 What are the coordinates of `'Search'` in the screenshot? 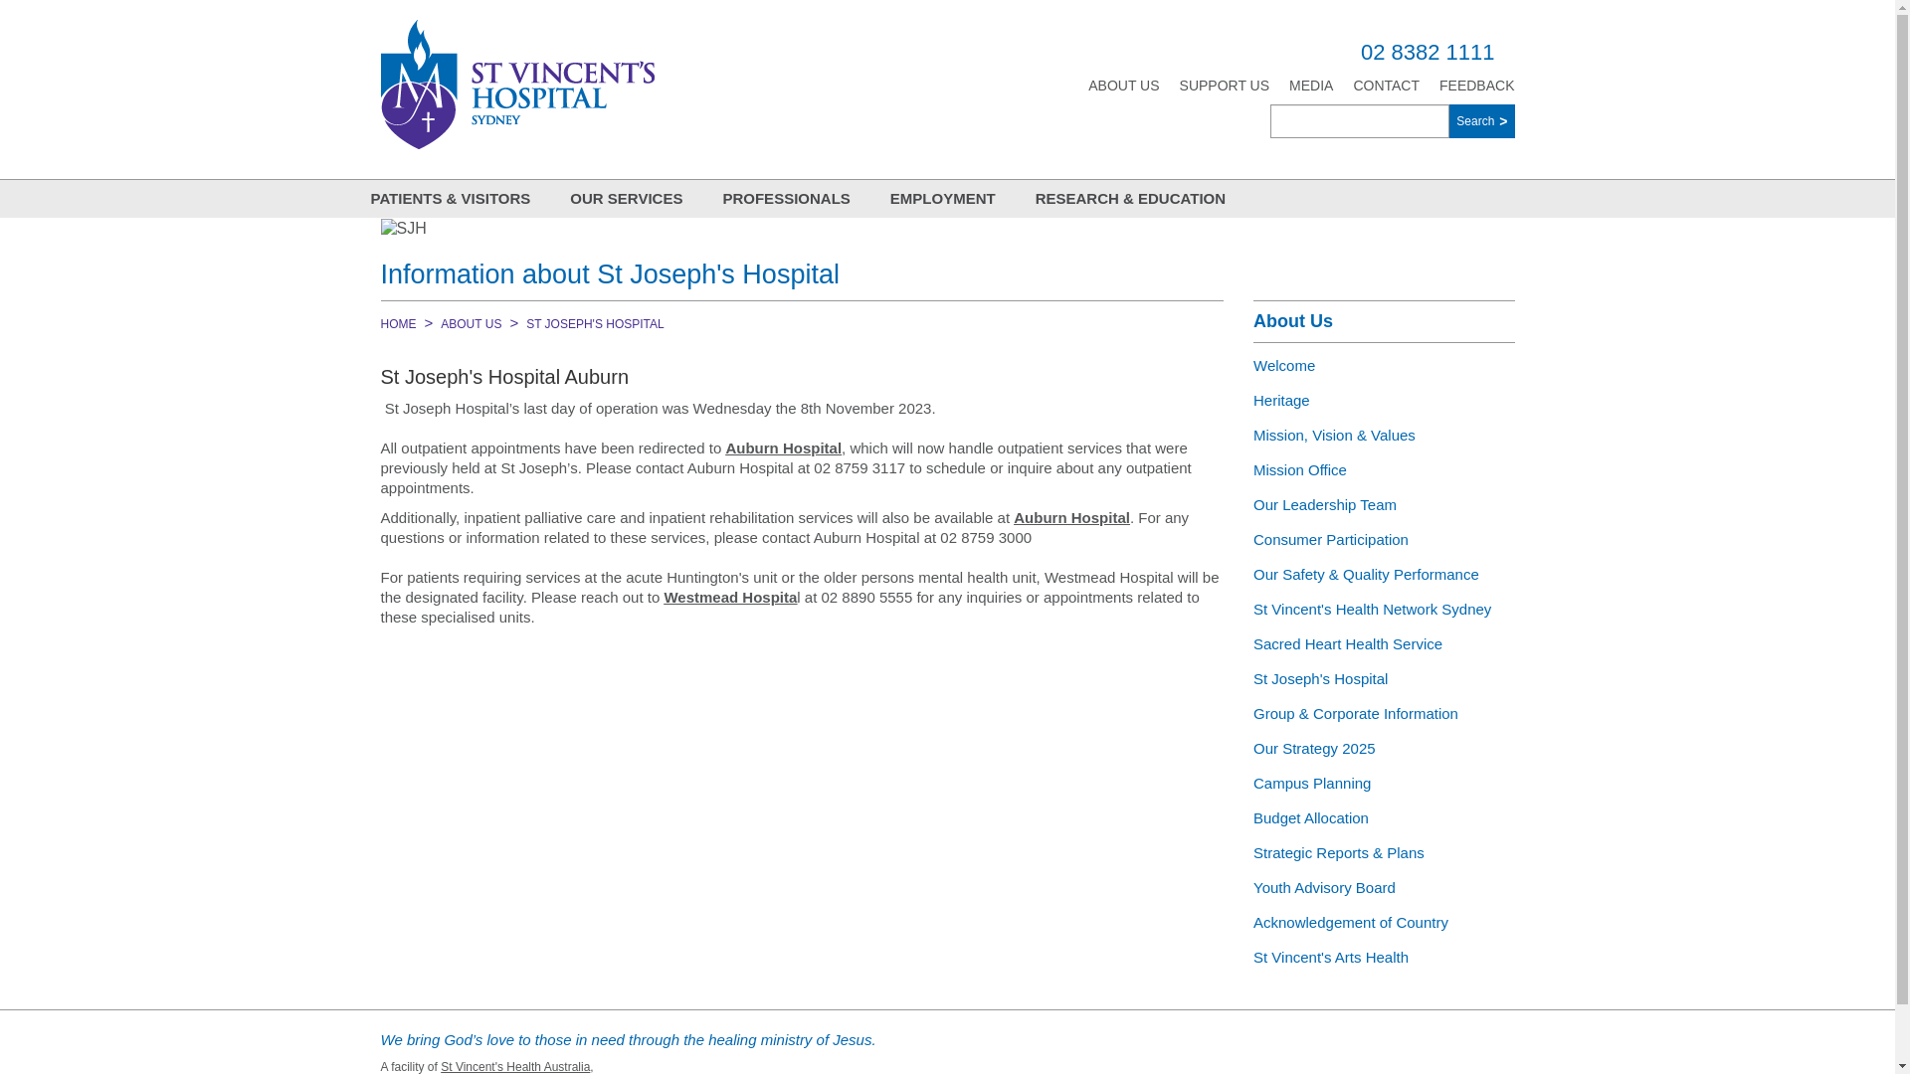 It's located at (1481, 121).